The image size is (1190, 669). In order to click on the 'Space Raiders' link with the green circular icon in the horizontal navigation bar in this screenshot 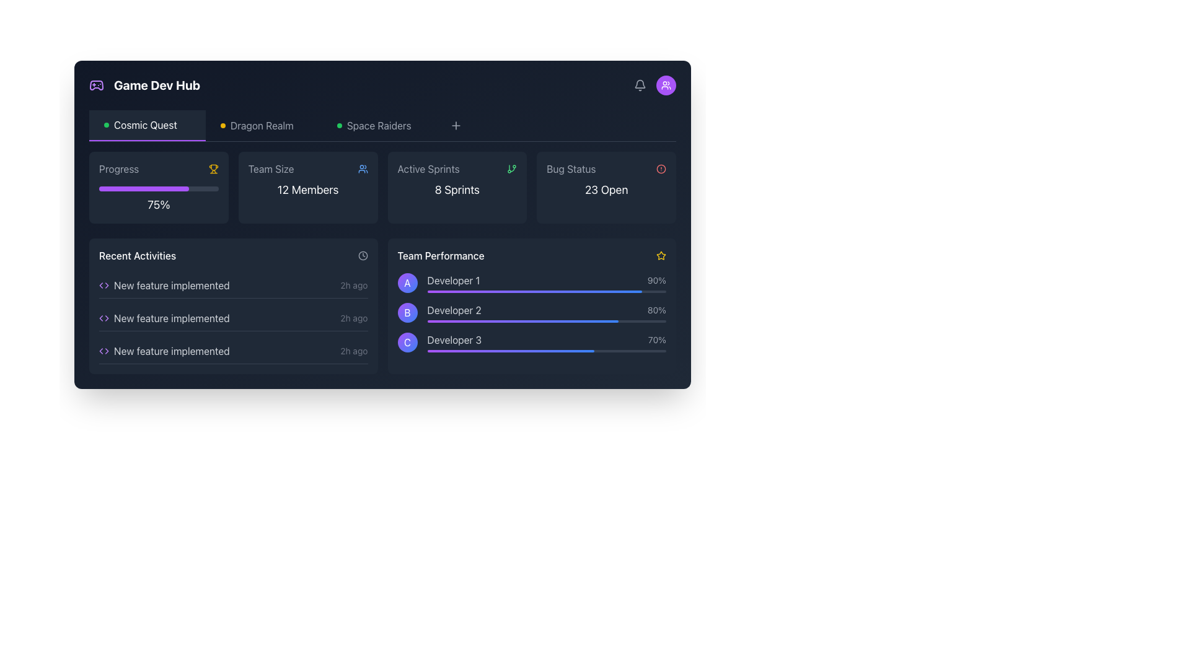, I will do `click(373, 126)`.